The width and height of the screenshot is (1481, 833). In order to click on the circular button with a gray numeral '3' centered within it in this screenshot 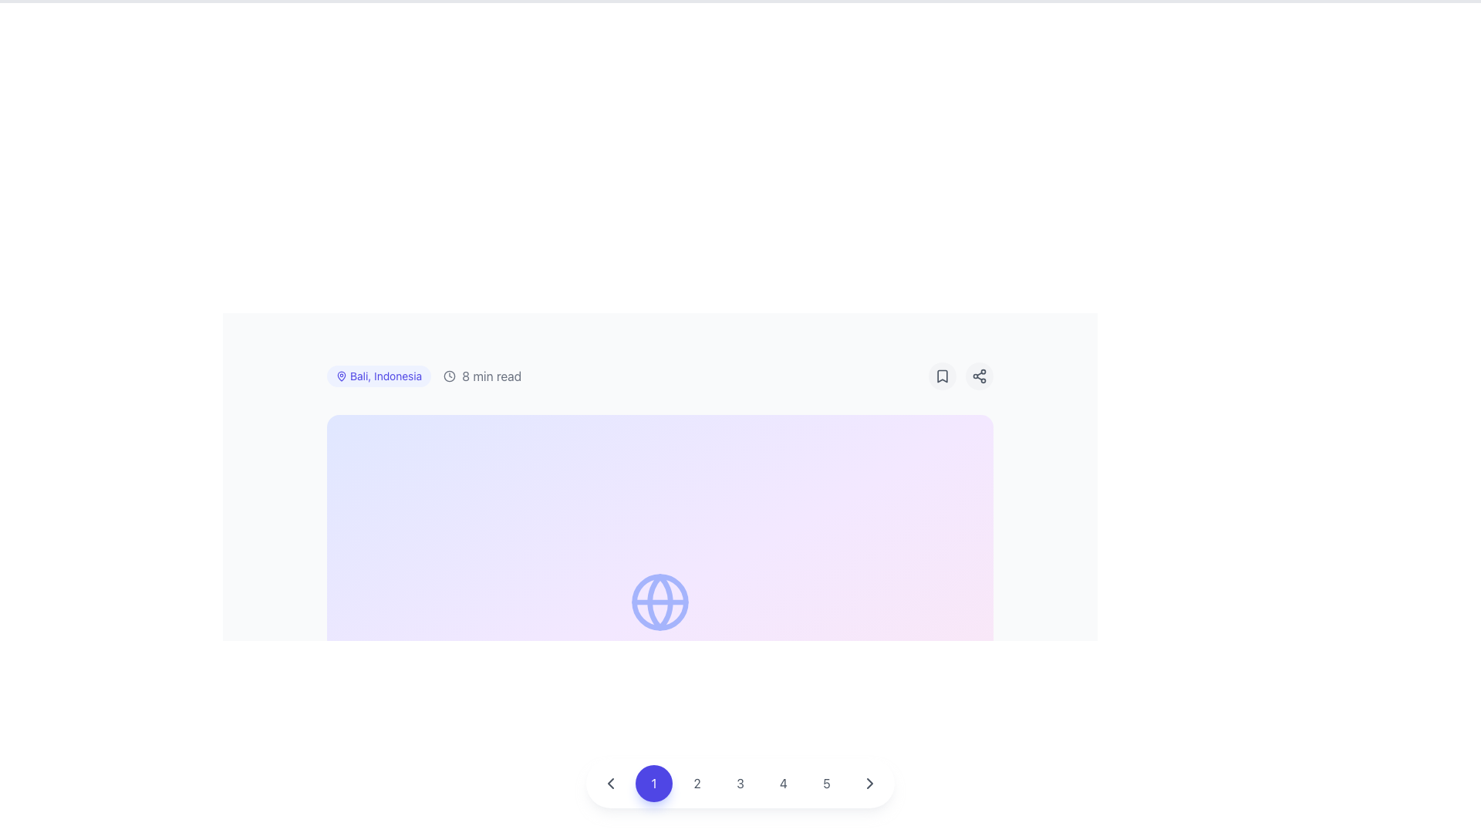, I will do `click(740, 783)`.